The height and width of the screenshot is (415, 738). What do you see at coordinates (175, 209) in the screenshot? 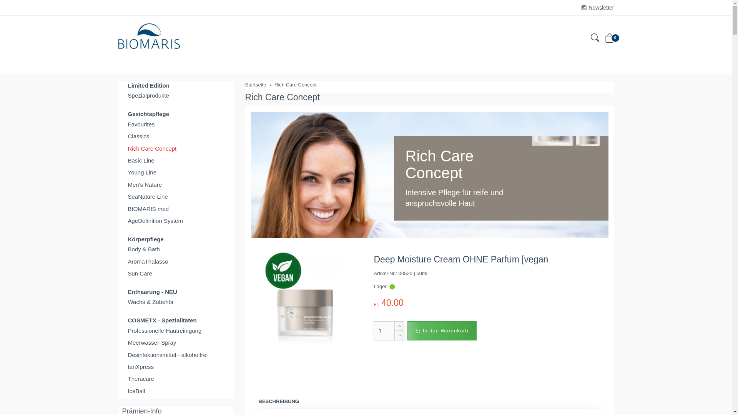
I see `'BIOMARIS med'` at bounding box center [175, 209].